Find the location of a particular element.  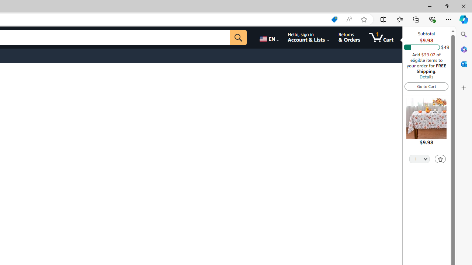

'Favorites' is located at coordinates (399, 19).